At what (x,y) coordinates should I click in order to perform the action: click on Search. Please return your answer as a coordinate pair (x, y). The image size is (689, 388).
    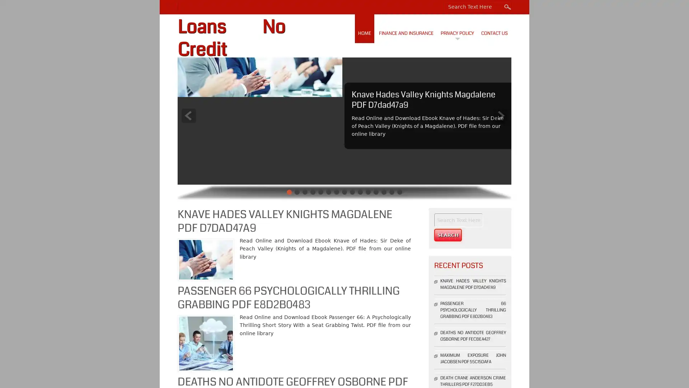
    Looking at the image, I should click on (447, 235).